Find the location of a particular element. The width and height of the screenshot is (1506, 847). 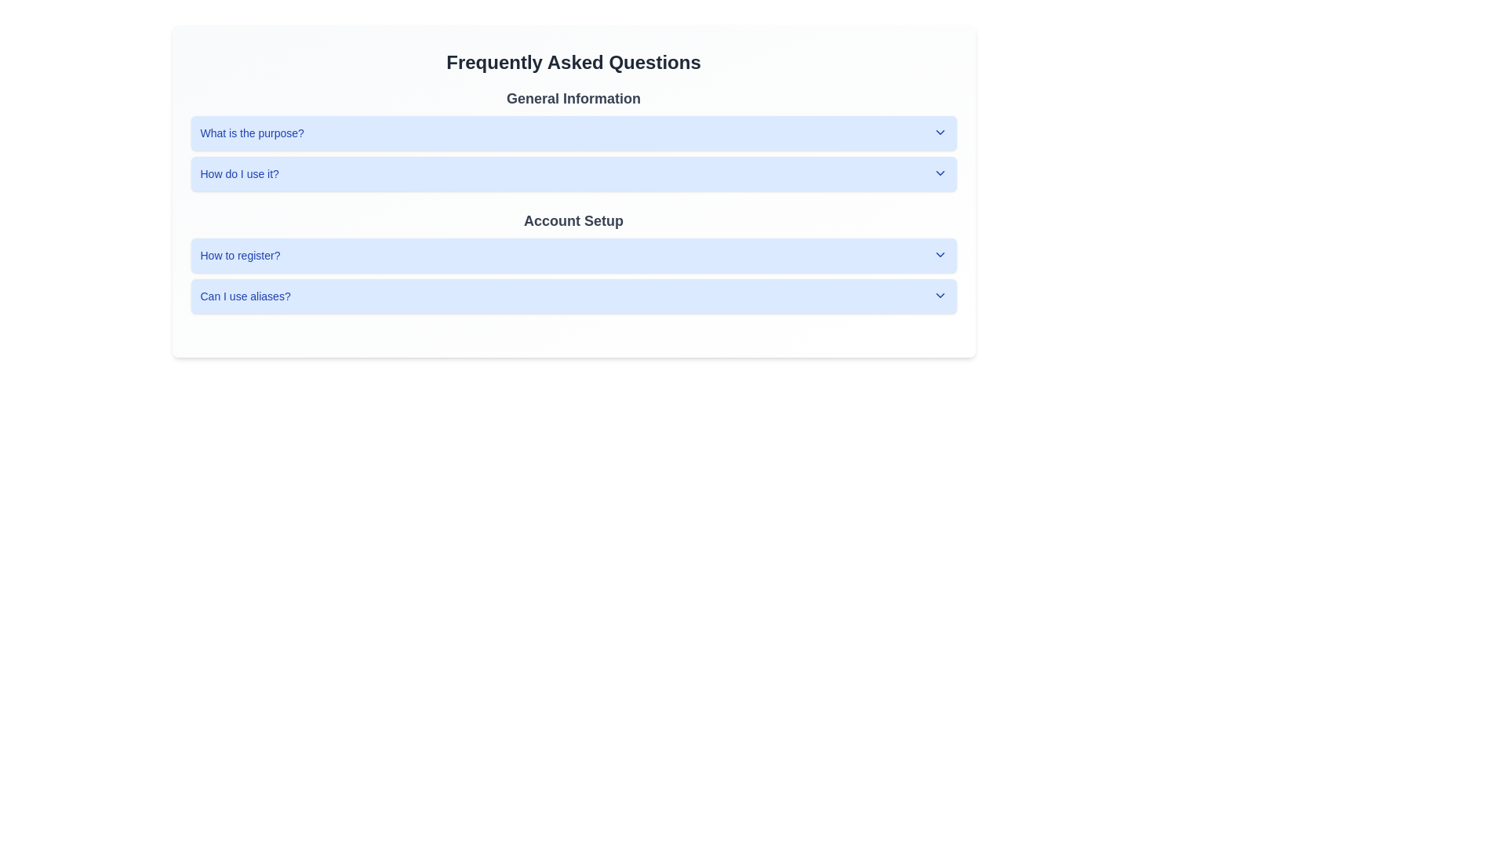

the dropdown item labeled 'Can I use aliases?' which is styled with a blue background and rounded borders, positioned under 'How to register?' in the FAQ layout is located at coordinates (573, 296).